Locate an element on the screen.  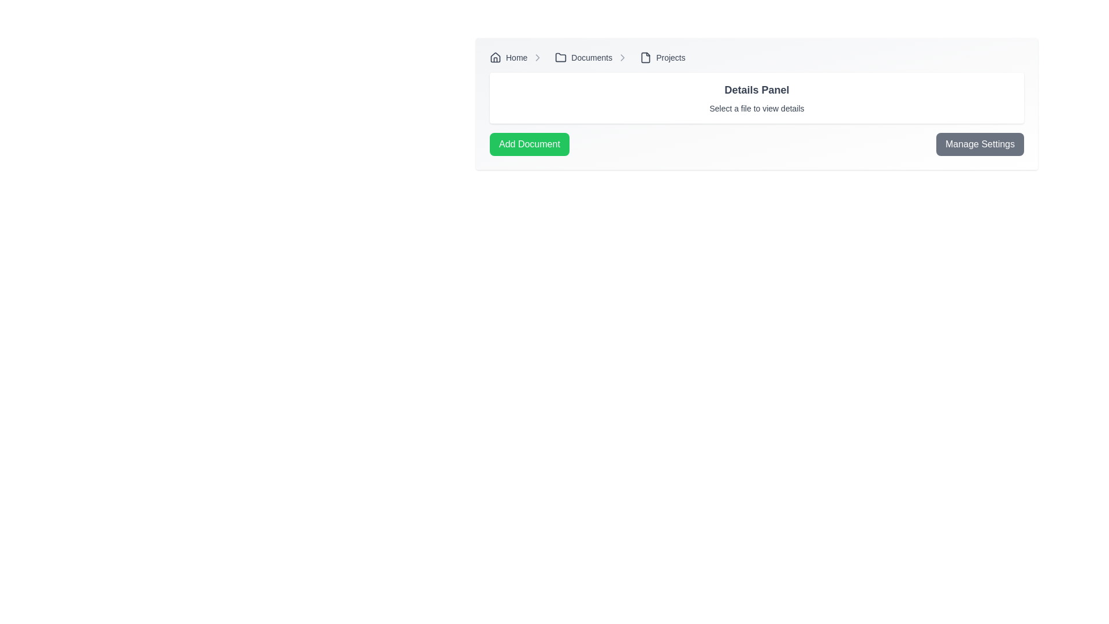
the 'Projects' breadcrumb link, which consists of a document icon followed by the text 'Projects' is located at coordinates (663, 58).